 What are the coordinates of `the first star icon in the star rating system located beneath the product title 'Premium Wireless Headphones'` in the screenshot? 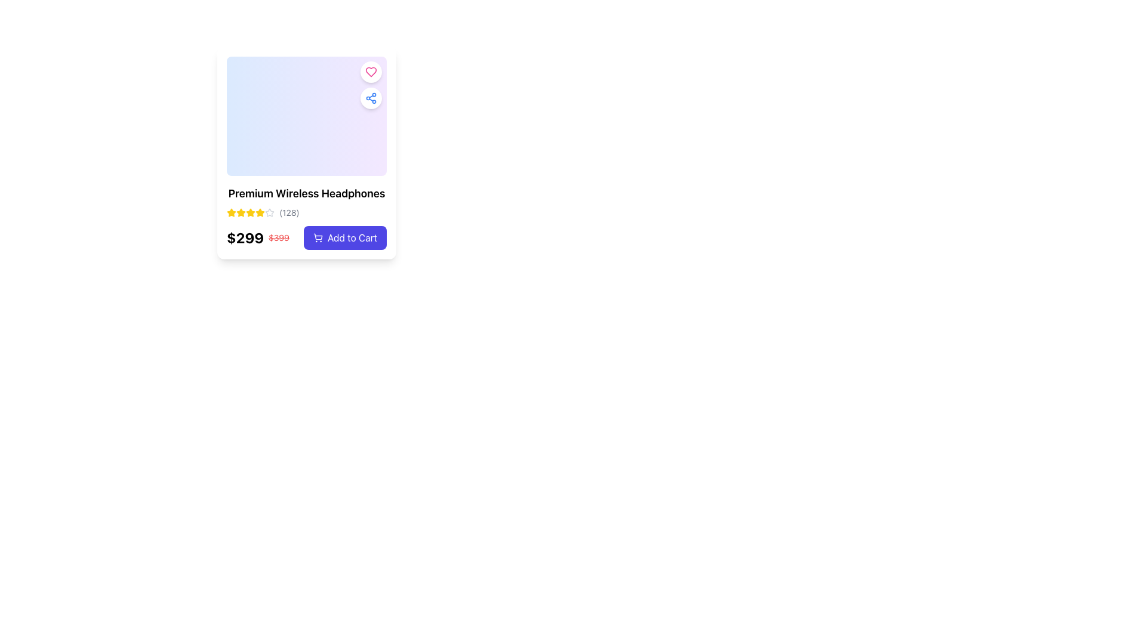 It's located at (232, 212).